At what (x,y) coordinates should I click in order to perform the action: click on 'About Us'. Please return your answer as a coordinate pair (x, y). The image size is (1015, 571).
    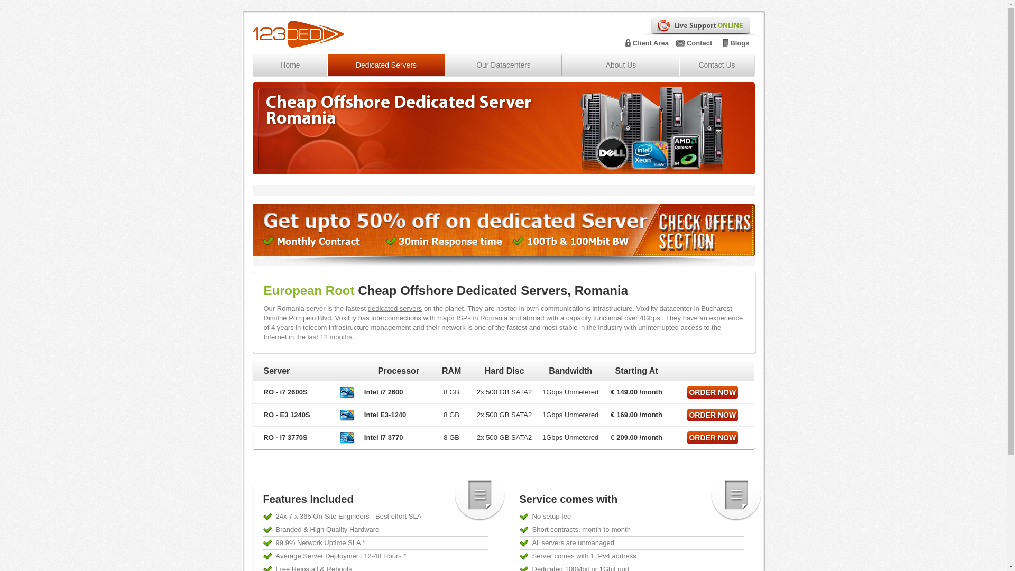
    Looking at the image, I should click on (562, 65).